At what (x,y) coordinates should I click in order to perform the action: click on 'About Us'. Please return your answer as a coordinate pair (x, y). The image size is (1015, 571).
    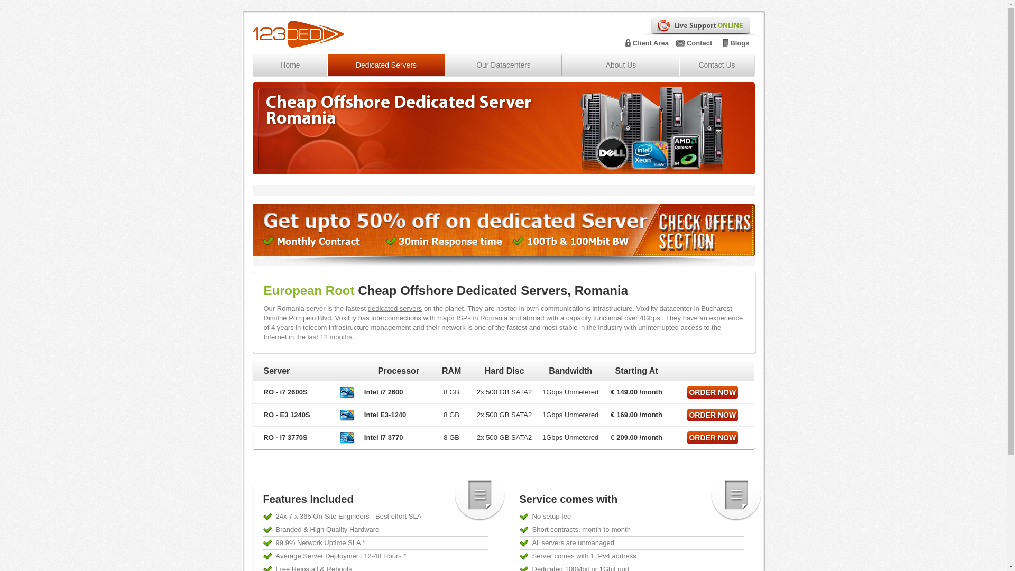
    Looking at the image, I should click on (562, 65).